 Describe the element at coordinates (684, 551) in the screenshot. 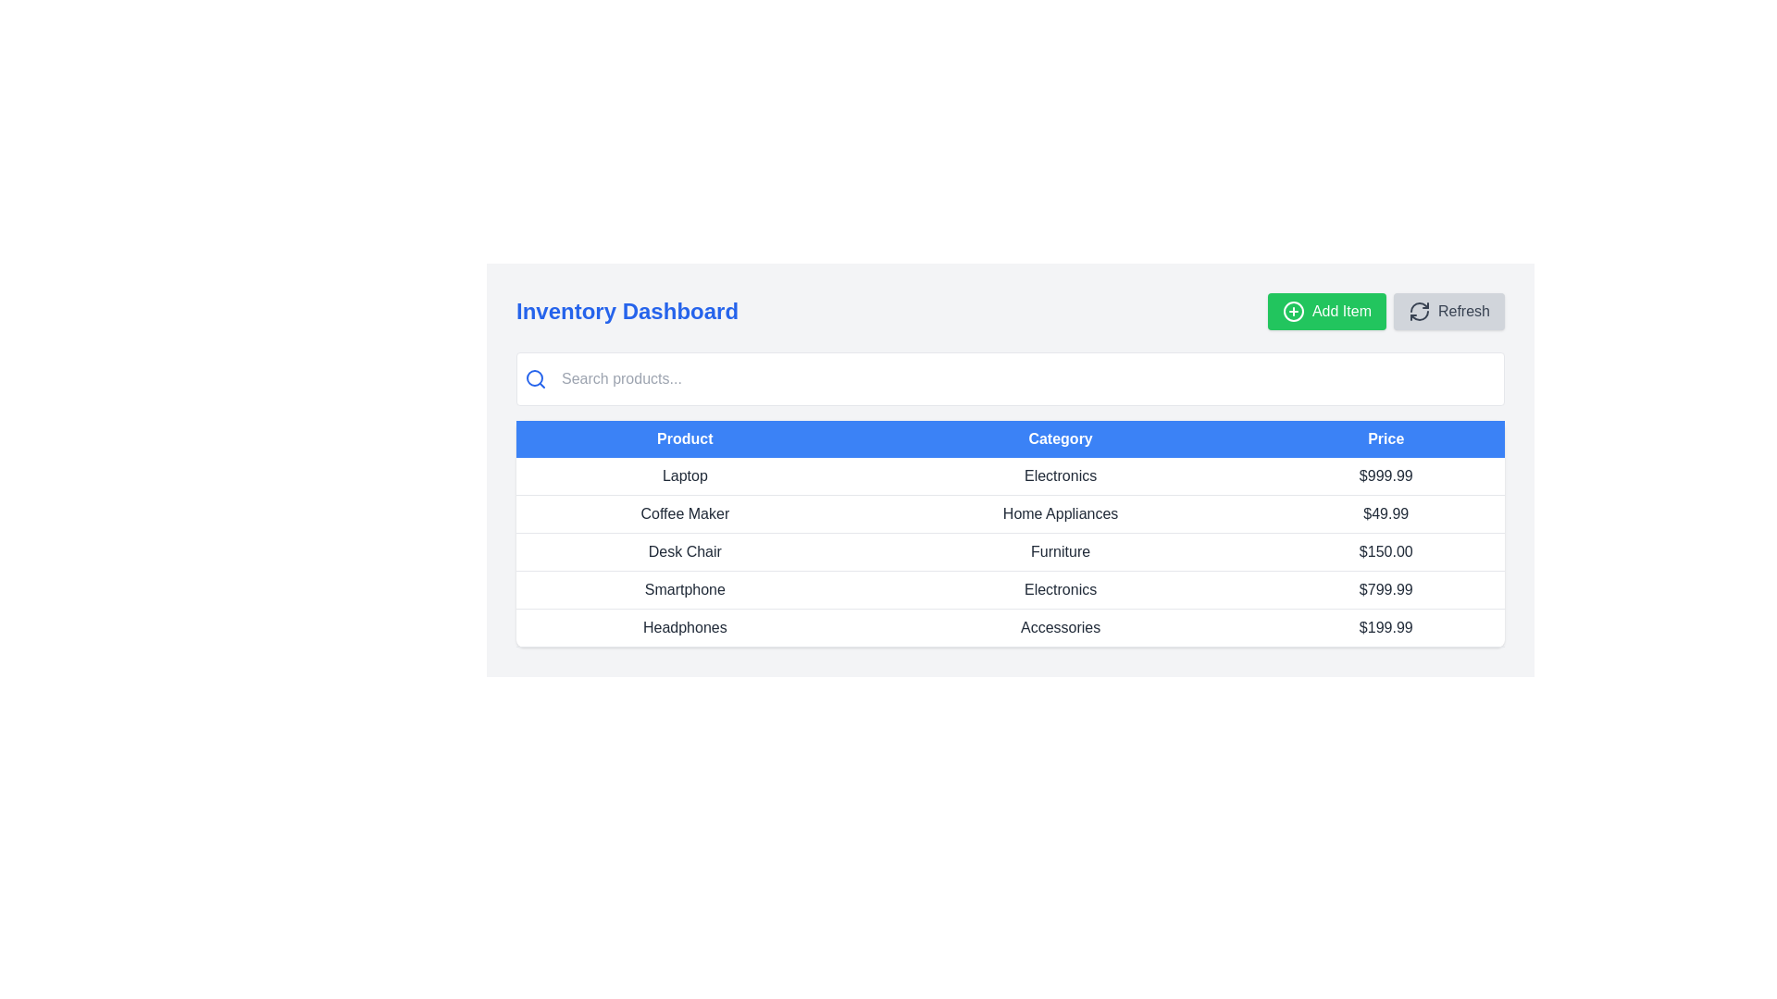

I see `text label displaying 'Desk Chair' located in the third row of the table under the 'Product' column` at that location.